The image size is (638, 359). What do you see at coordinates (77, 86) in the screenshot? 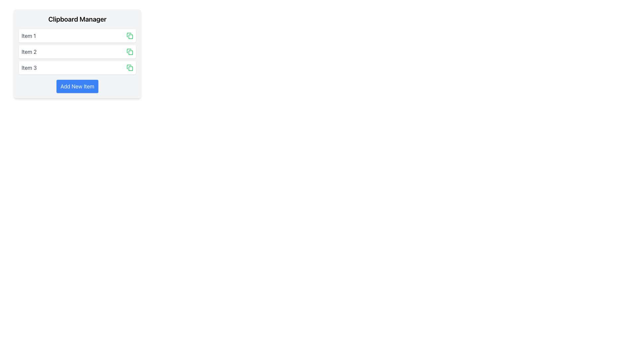
I see `the 'Add New Item' button located at the bottom center of the 'Clipboard Manager' panel to initiate adding a new item` at bounding box center [77, 86].